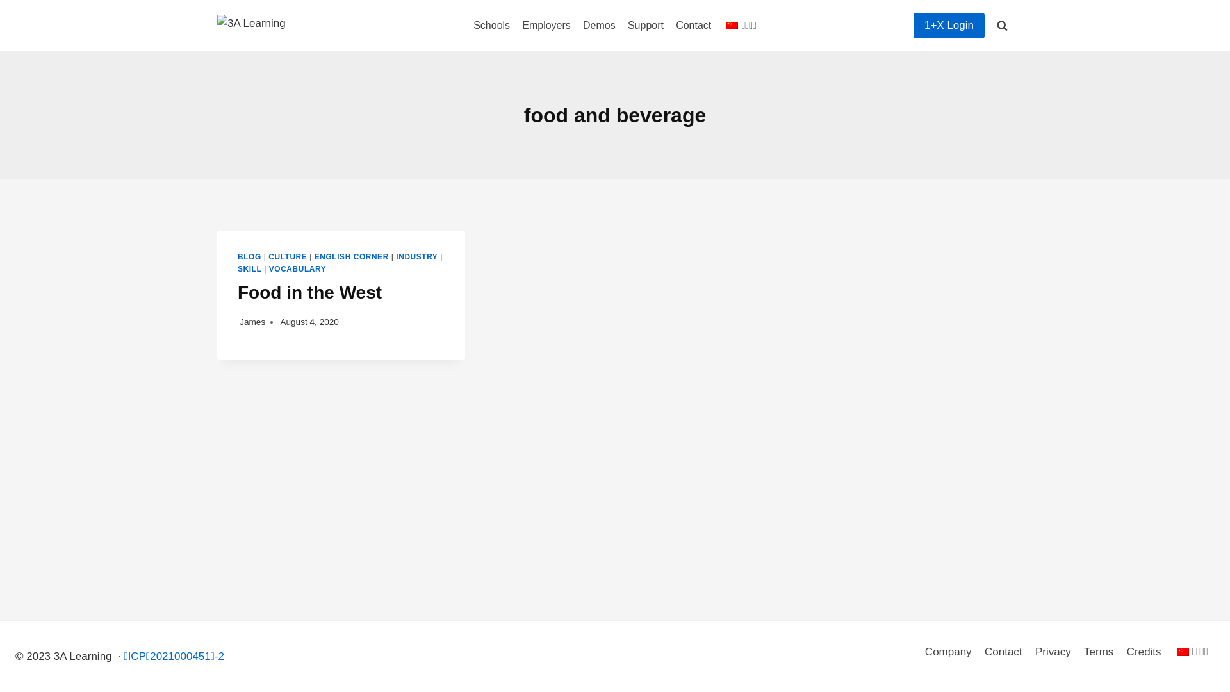 This screenshot has width=1230, height=692. I want to click on 'Food in the West', so click(309, 292).